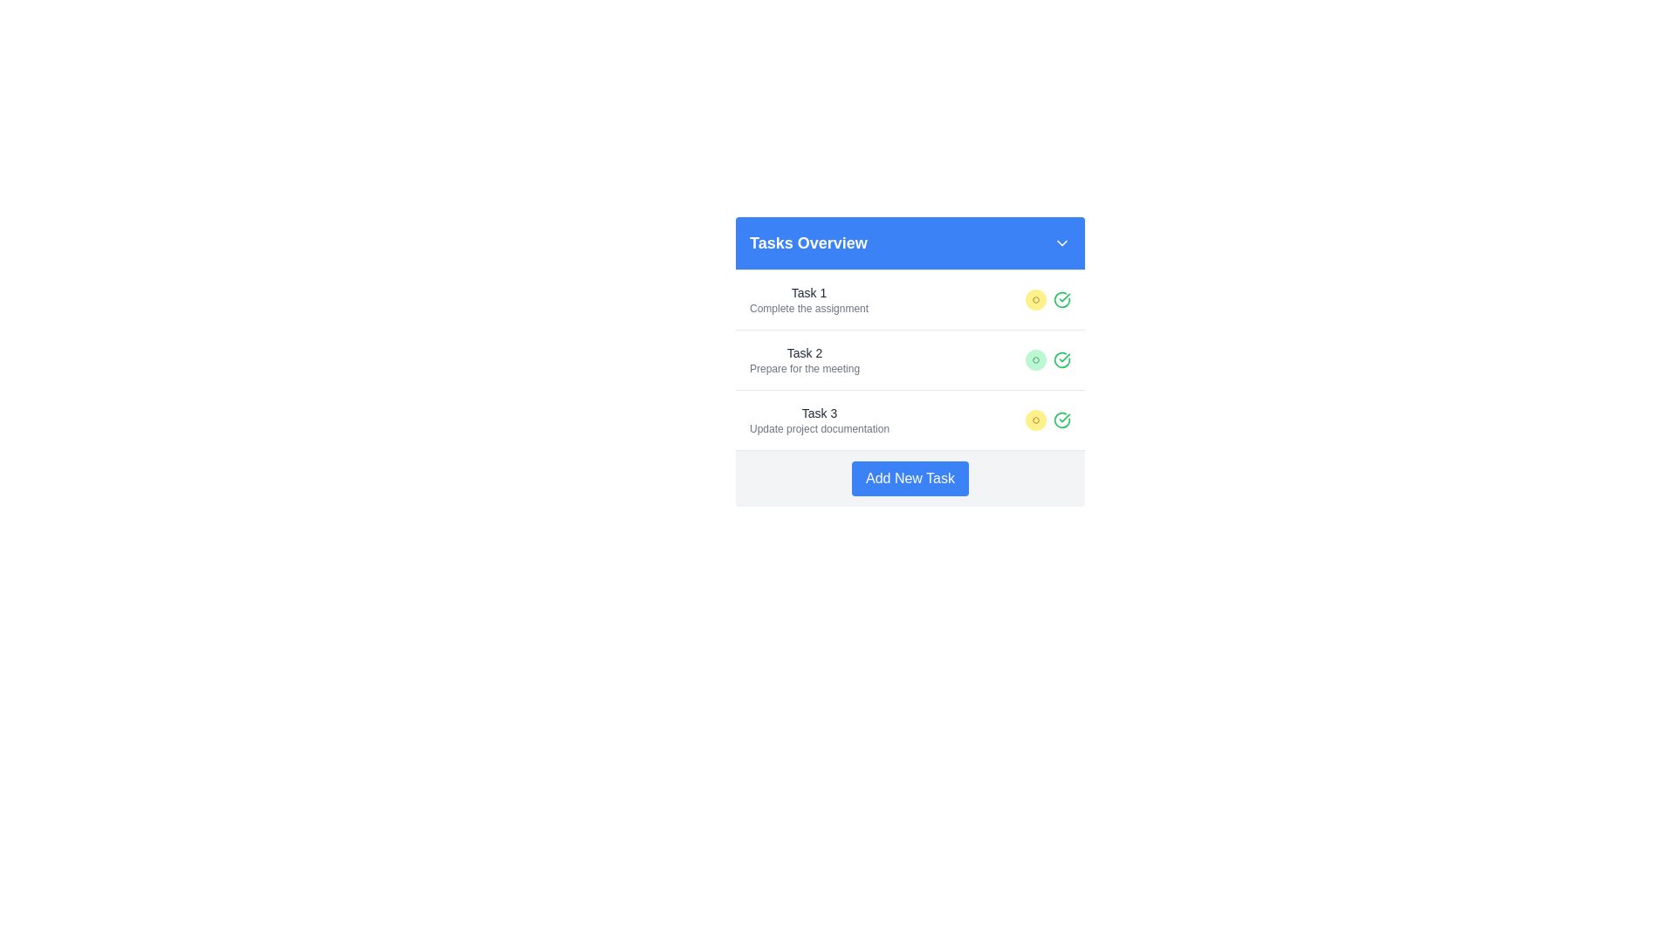 The image size is (1676, 942). I want to click on the completion icon located to the right of 'Prepare for the meeting' in the 'Task 2' row within the 'Tasks Overview' section, indicating that Task 2 has been marked as complete, so click(1061, 358).